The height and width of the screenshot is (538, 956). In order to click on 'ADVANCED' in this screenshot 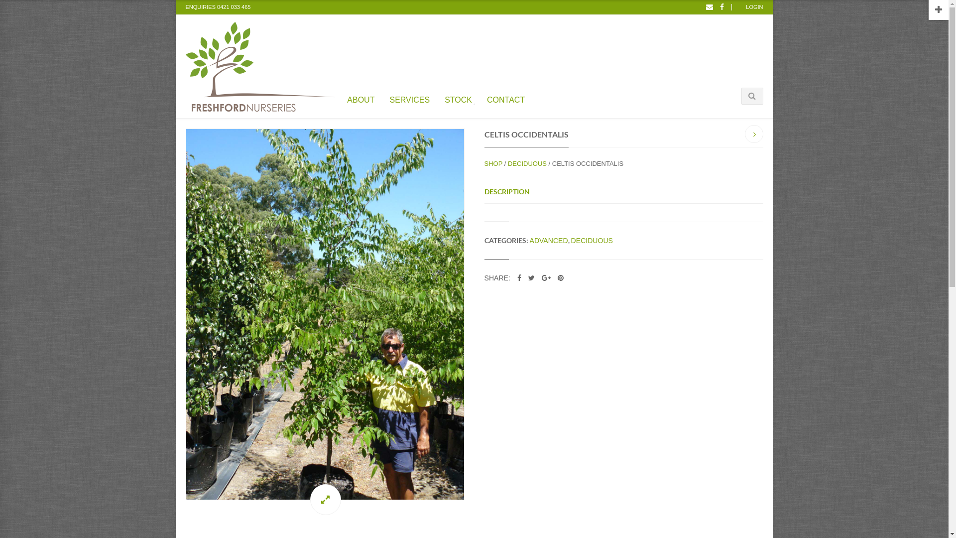, I will do `click(529, 240)`.